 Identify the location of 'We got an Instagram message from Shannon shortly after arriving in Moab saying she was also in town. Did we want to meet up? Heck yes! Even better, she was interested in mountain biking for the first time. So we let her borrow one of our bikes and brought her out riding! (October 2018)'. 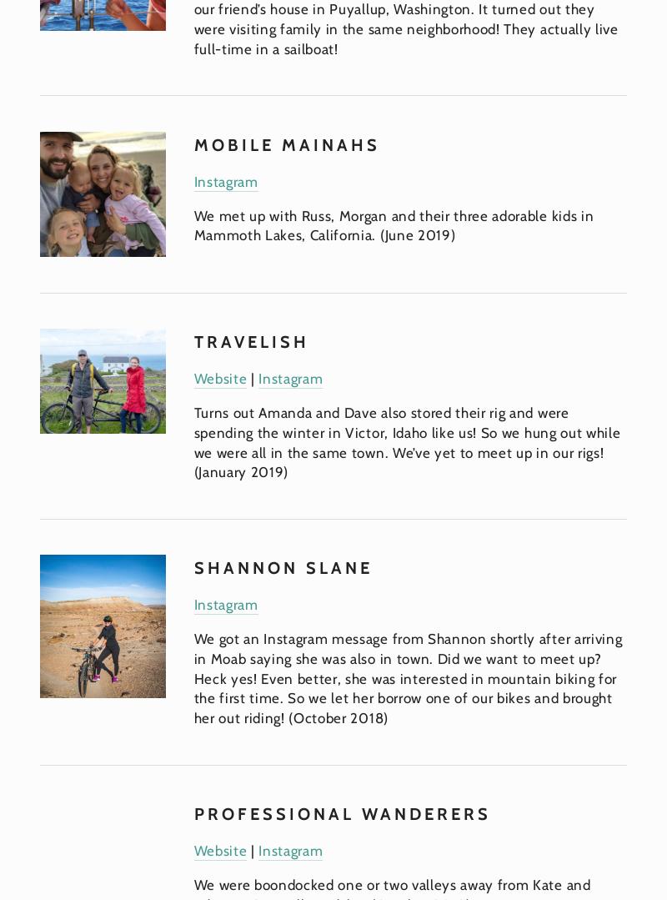
(409, 677).